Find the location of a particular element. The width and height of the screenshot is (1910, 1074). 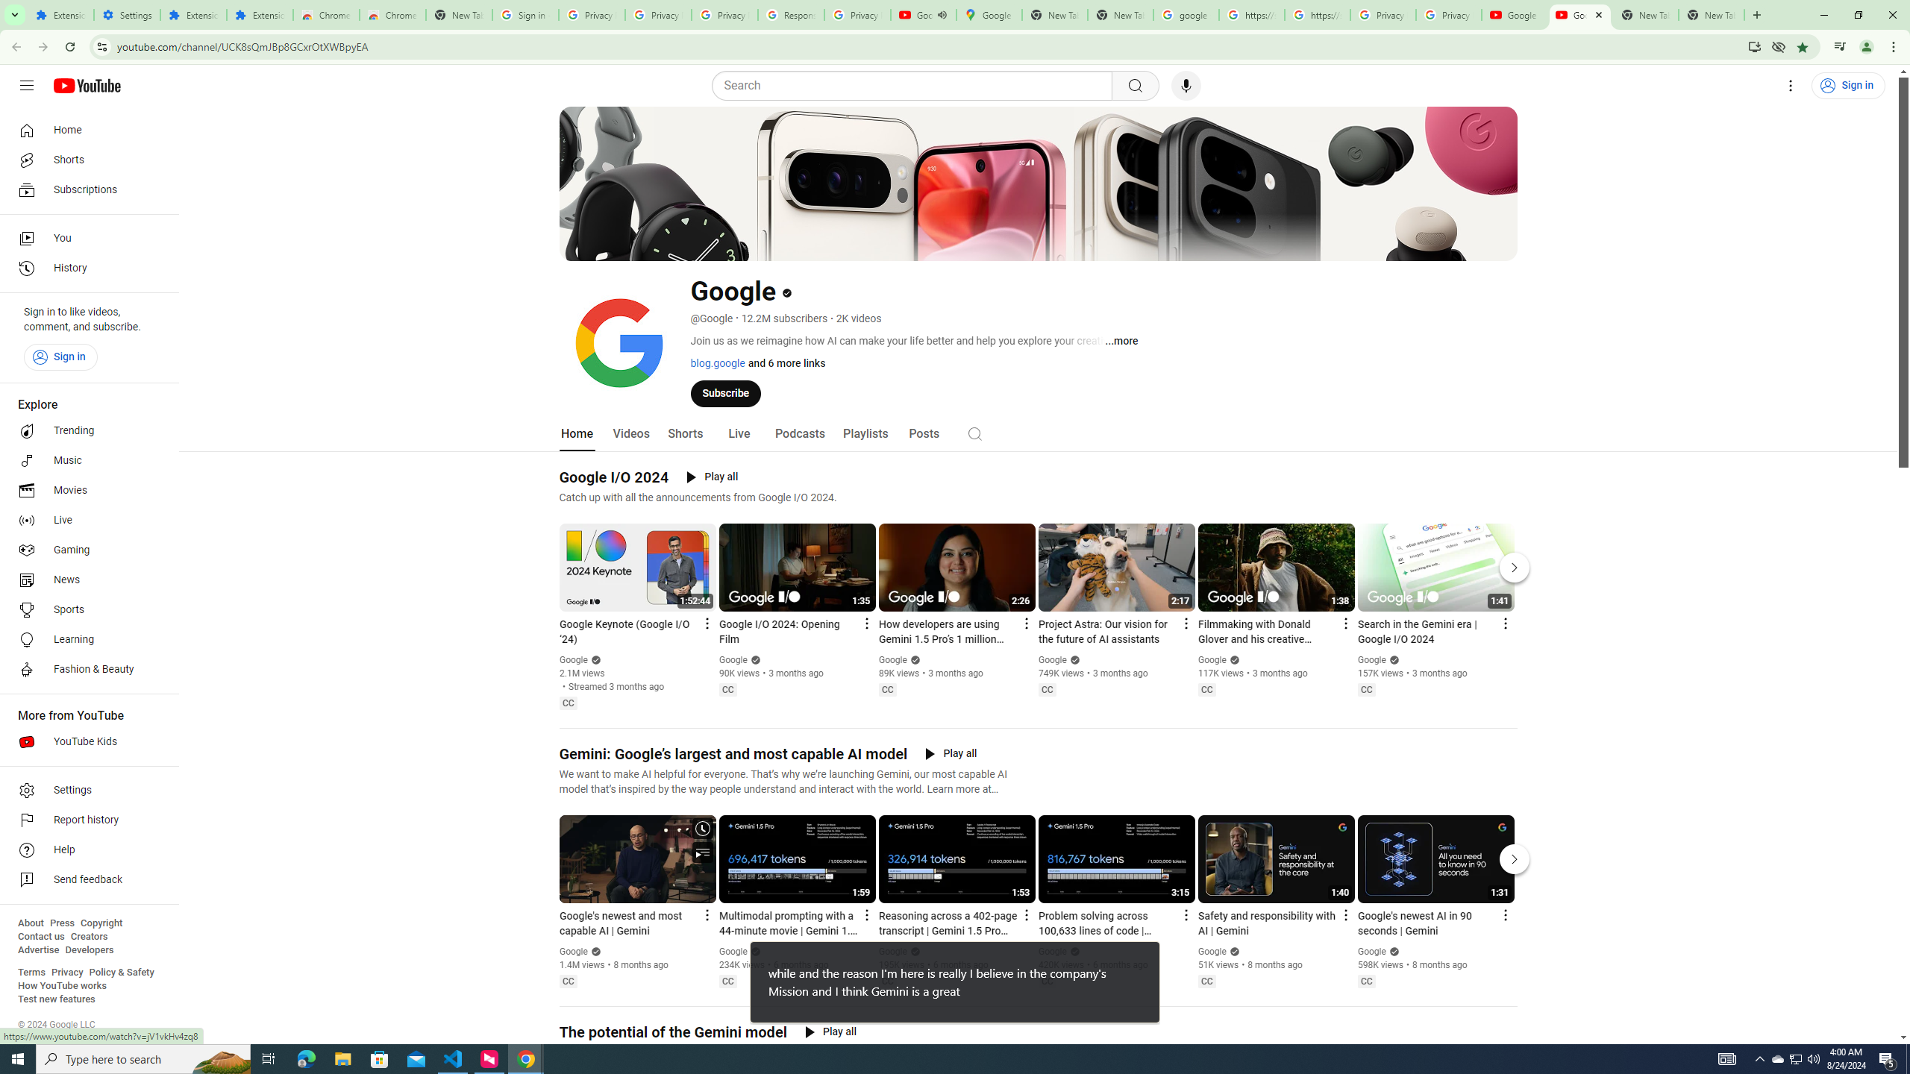

'New Tab' is located at coordinates (1710, 14).